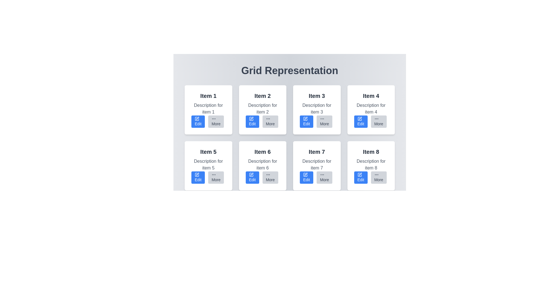 This screenshot has height=302, width=538. What do you see at coordinates (262, 152) in the screenshot?
I see `the bold, large-sized dark gray text label reading 'Item 6', which serves as the title of the card located in the second row and second column of a 4x2 grid layout` at bounding box center [262, 152].